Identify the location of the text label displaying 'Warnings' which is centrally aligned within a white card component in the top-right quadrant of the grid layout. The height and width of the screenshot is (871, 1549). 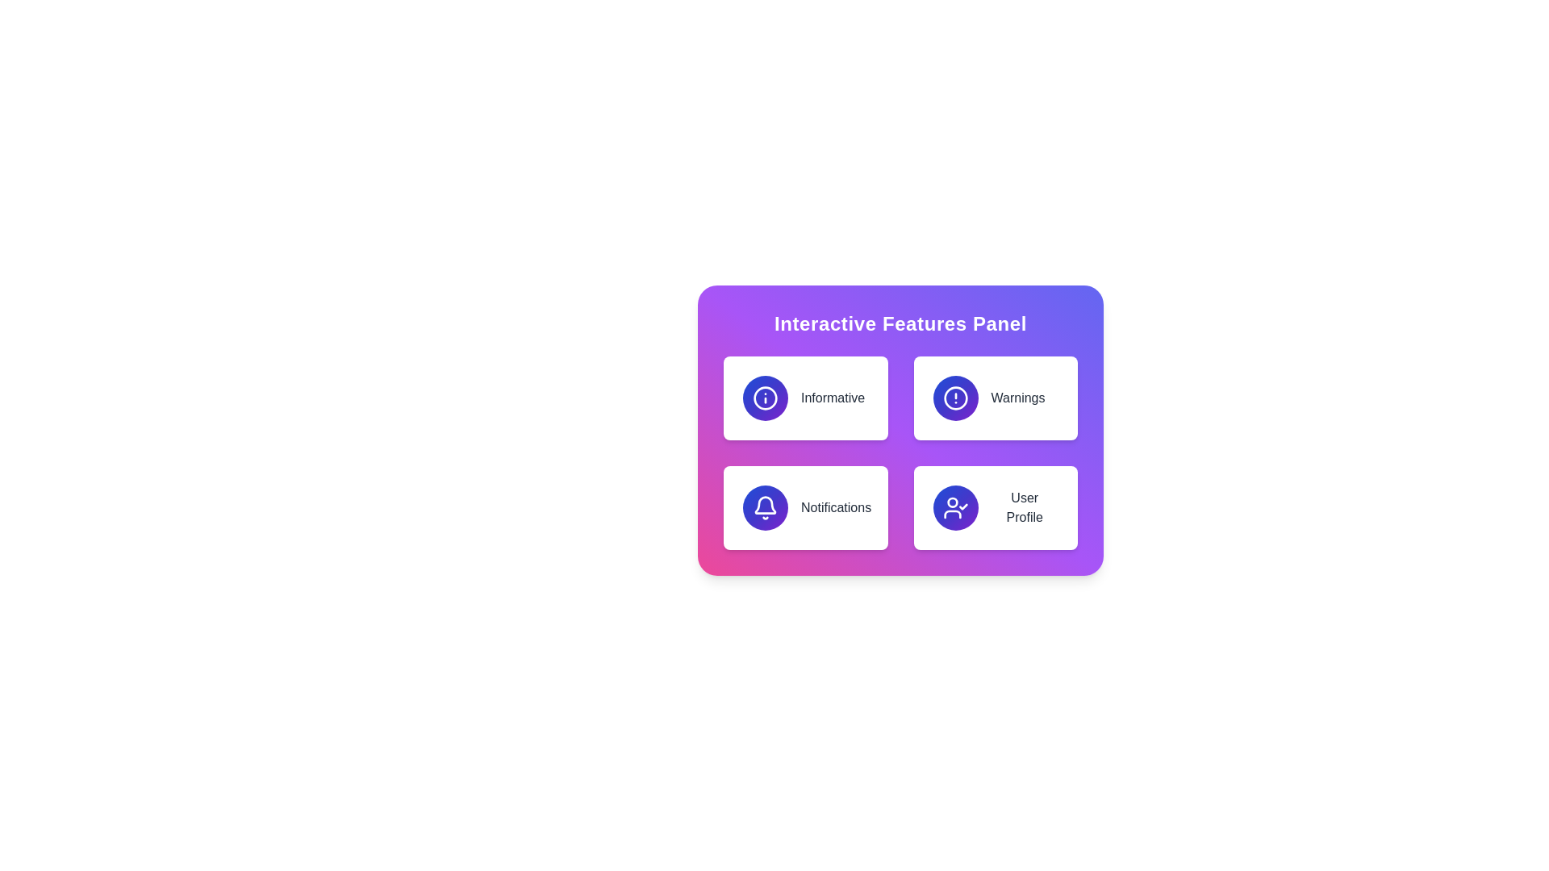
(1017, 398).